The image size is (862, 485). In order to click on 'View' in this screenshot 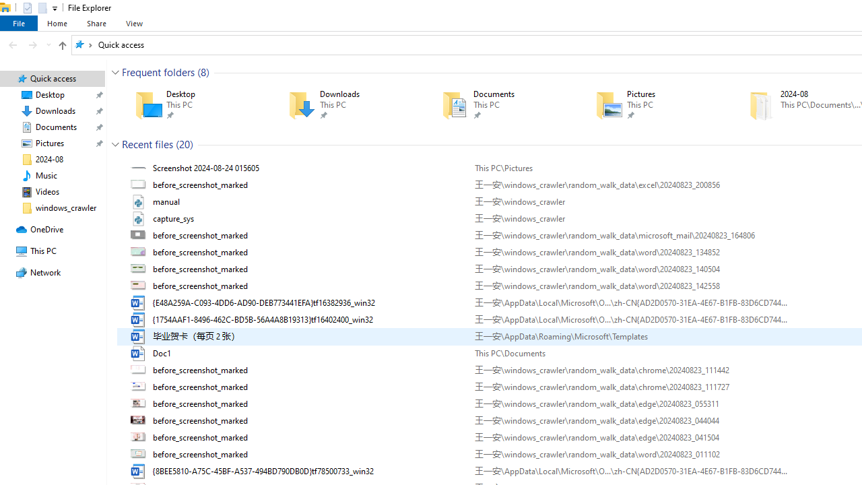, I will do `click(134, 23)`.